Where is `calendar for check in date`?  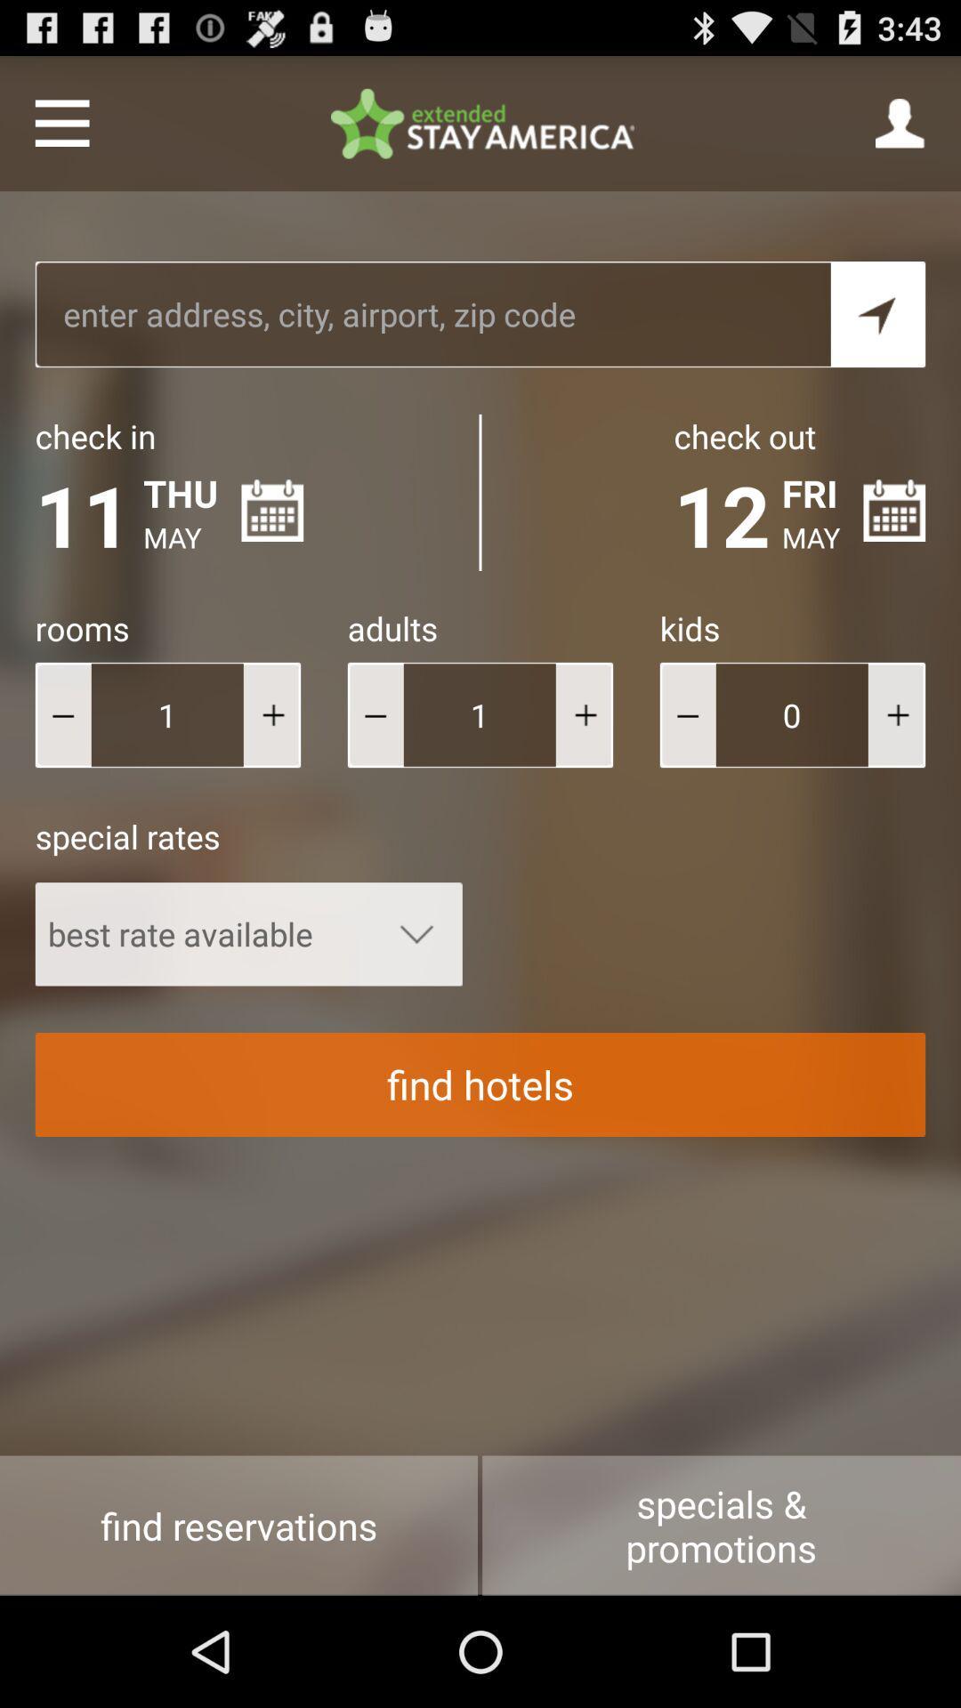 calendar for check in date is located at coordinates (272, 510).